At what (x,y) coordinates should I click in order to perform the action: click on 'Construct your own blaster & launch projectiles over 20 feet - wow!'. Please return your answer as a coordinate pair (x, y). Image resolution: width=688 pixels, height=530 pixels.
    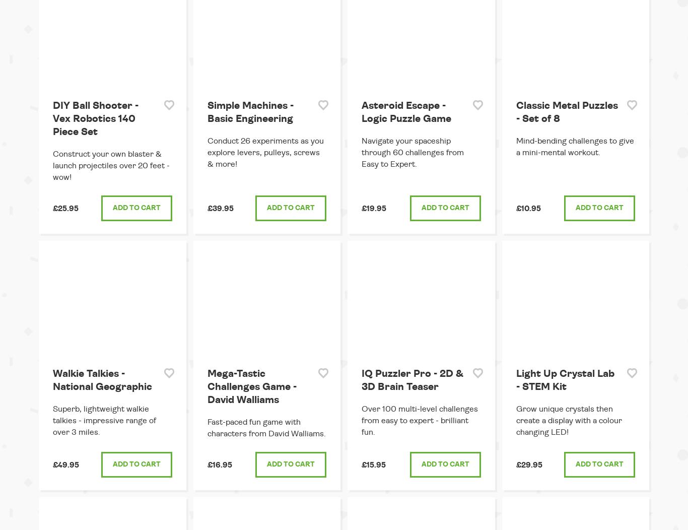
    Looking at the image, I should click on (53, 165).